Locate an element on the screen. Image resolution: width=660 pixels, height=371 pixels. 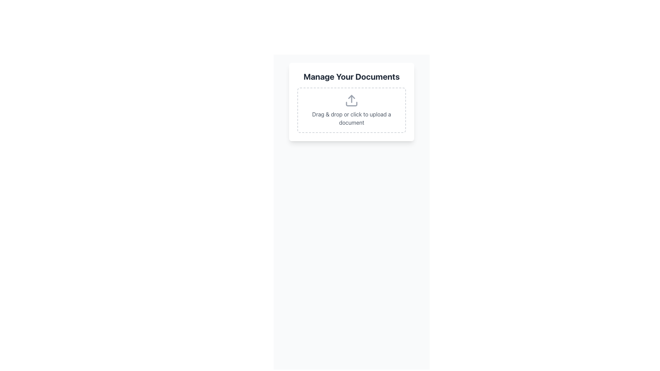
the upload control icon, which visually indicates the action of uploading a file, located at the center of the document upload interface under the text 'Drag & drop or click to upload a document' is located at coordinates (351, 101).